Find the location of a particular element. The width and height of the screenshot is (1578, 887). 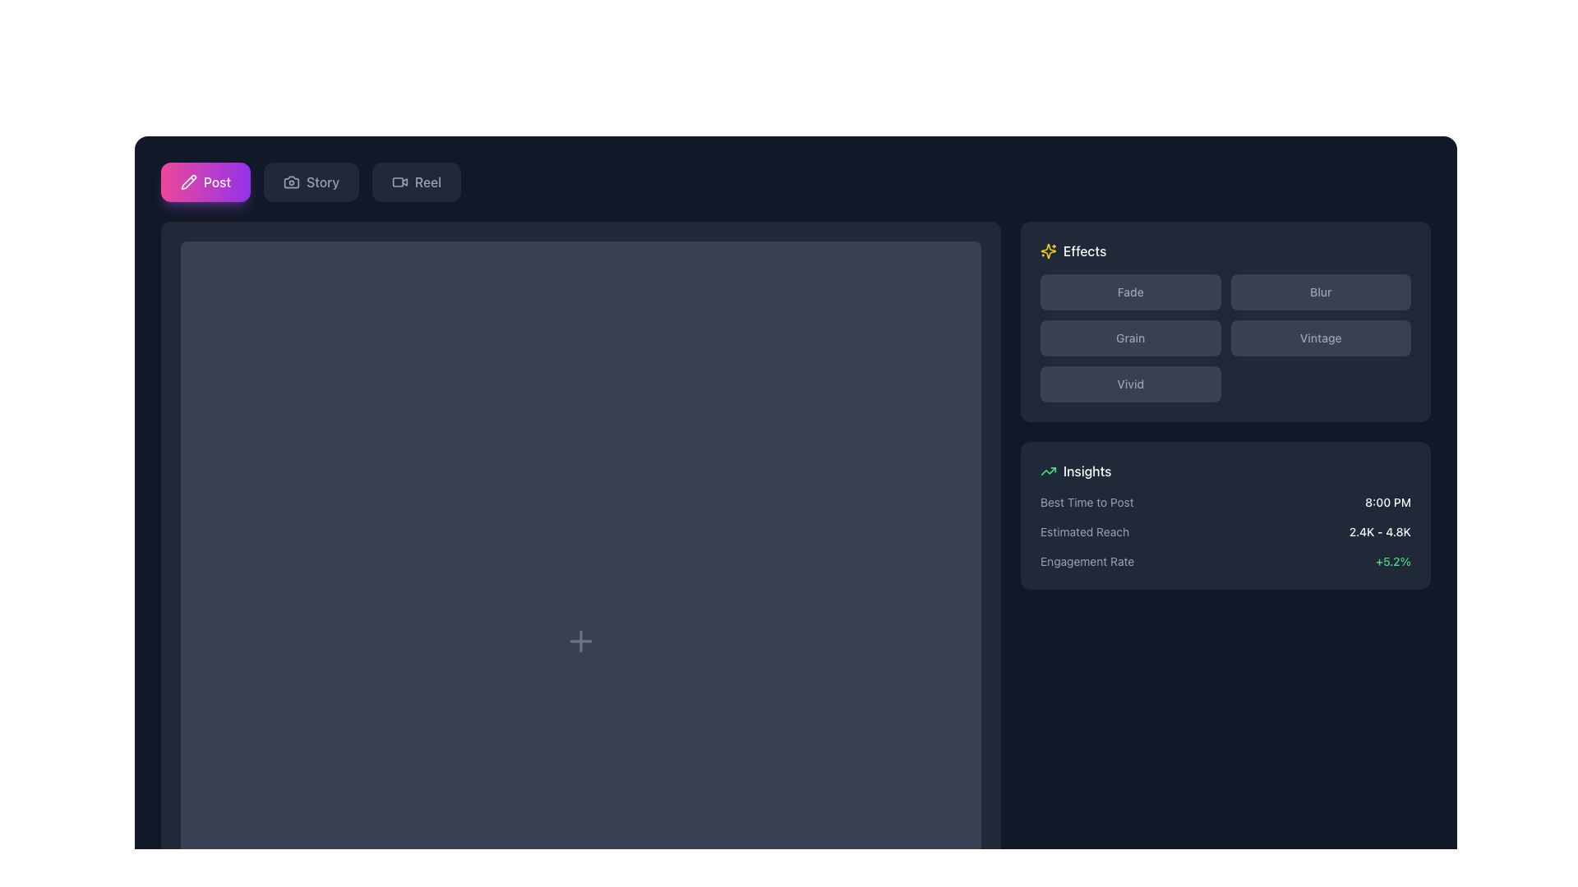

the decorative icon in the 'Effects' section header, located next to the 'Effects' label is located at coordinates (1048, 250).